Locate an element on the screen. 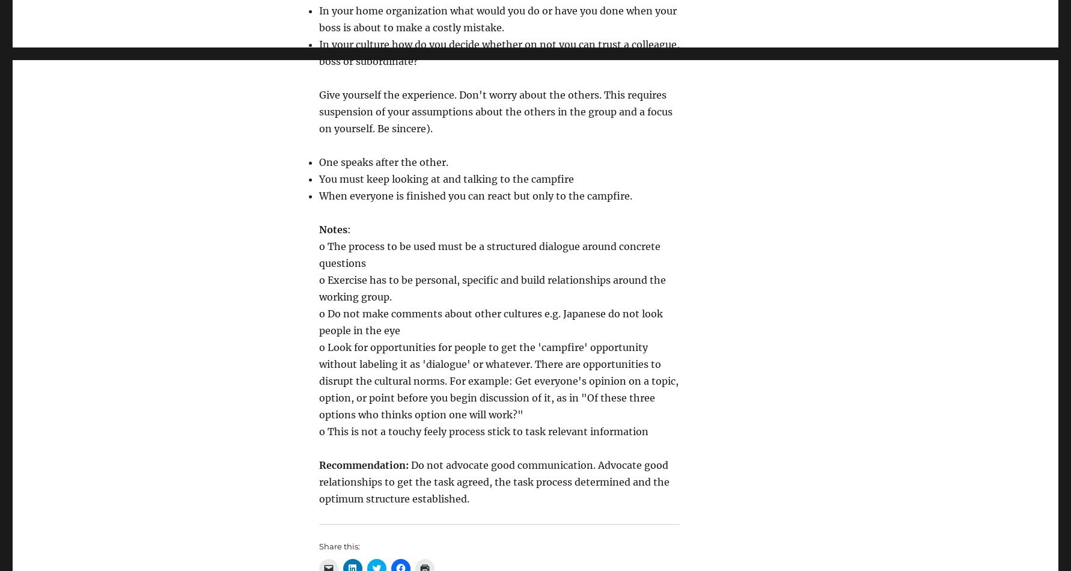 The image size is (1071, 571). 'o    Look for opportunities for people to get the 'campfire' opportunity without labeling it as 'dialogue' or whatever. There are opportunities to disrupt the cultural norms. For example: Get everyone's opinion on a topic, option, or point before you begin discussion of it, as in "Of these three options who thinks option one will work?"' is located at coordinates (498, 381).